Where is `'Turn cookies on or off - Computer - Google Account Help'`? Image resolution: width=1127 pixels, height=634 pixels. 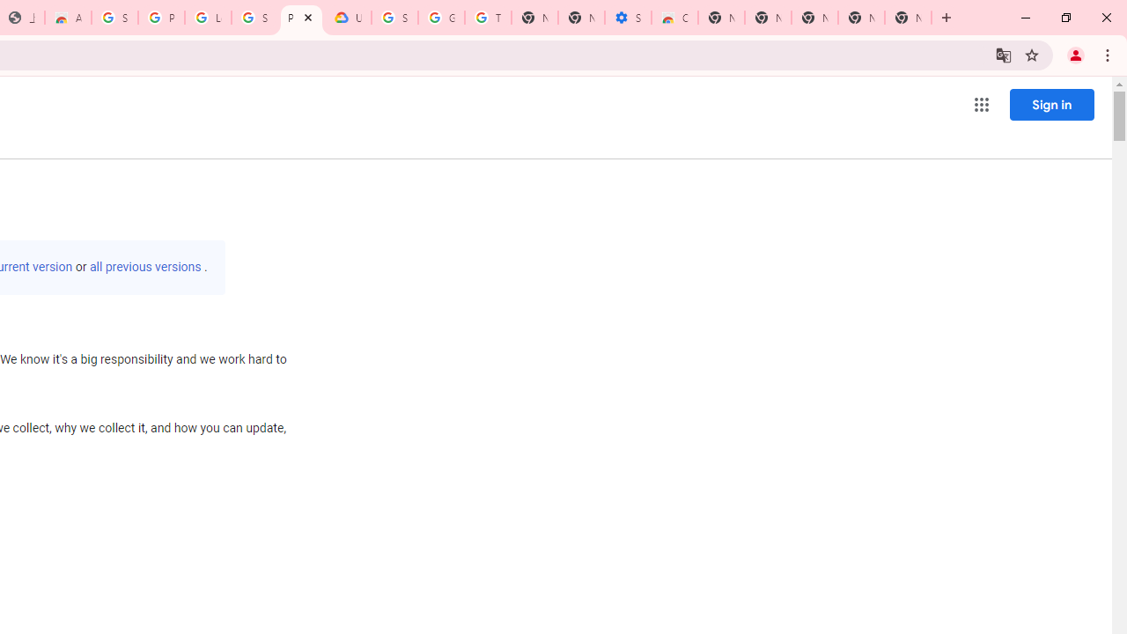
'Turn cookies on or off - Computer - Google Account Help' is located at coordinates (488, 18).